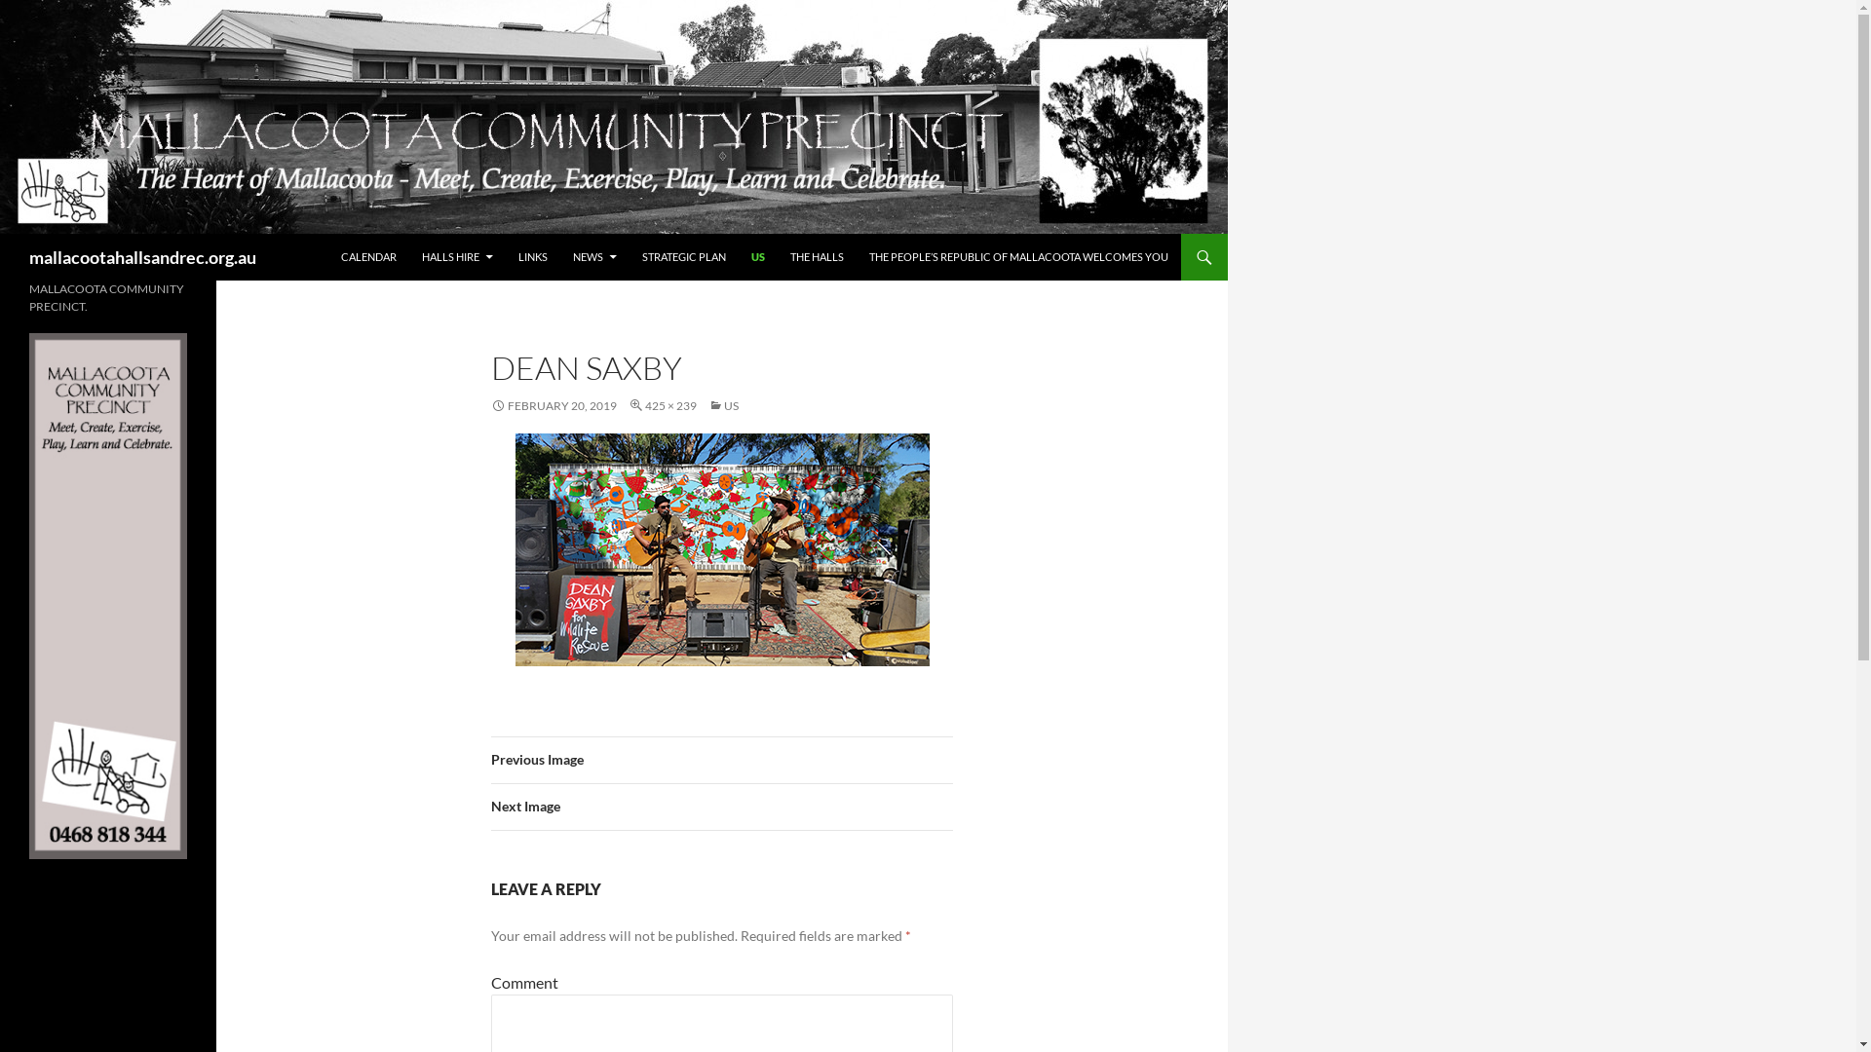 This screenshot has height=1052, width=1871. Describe the element at coordinates (593, 255) in the screenshot. I see `'NEWS'` at that location.